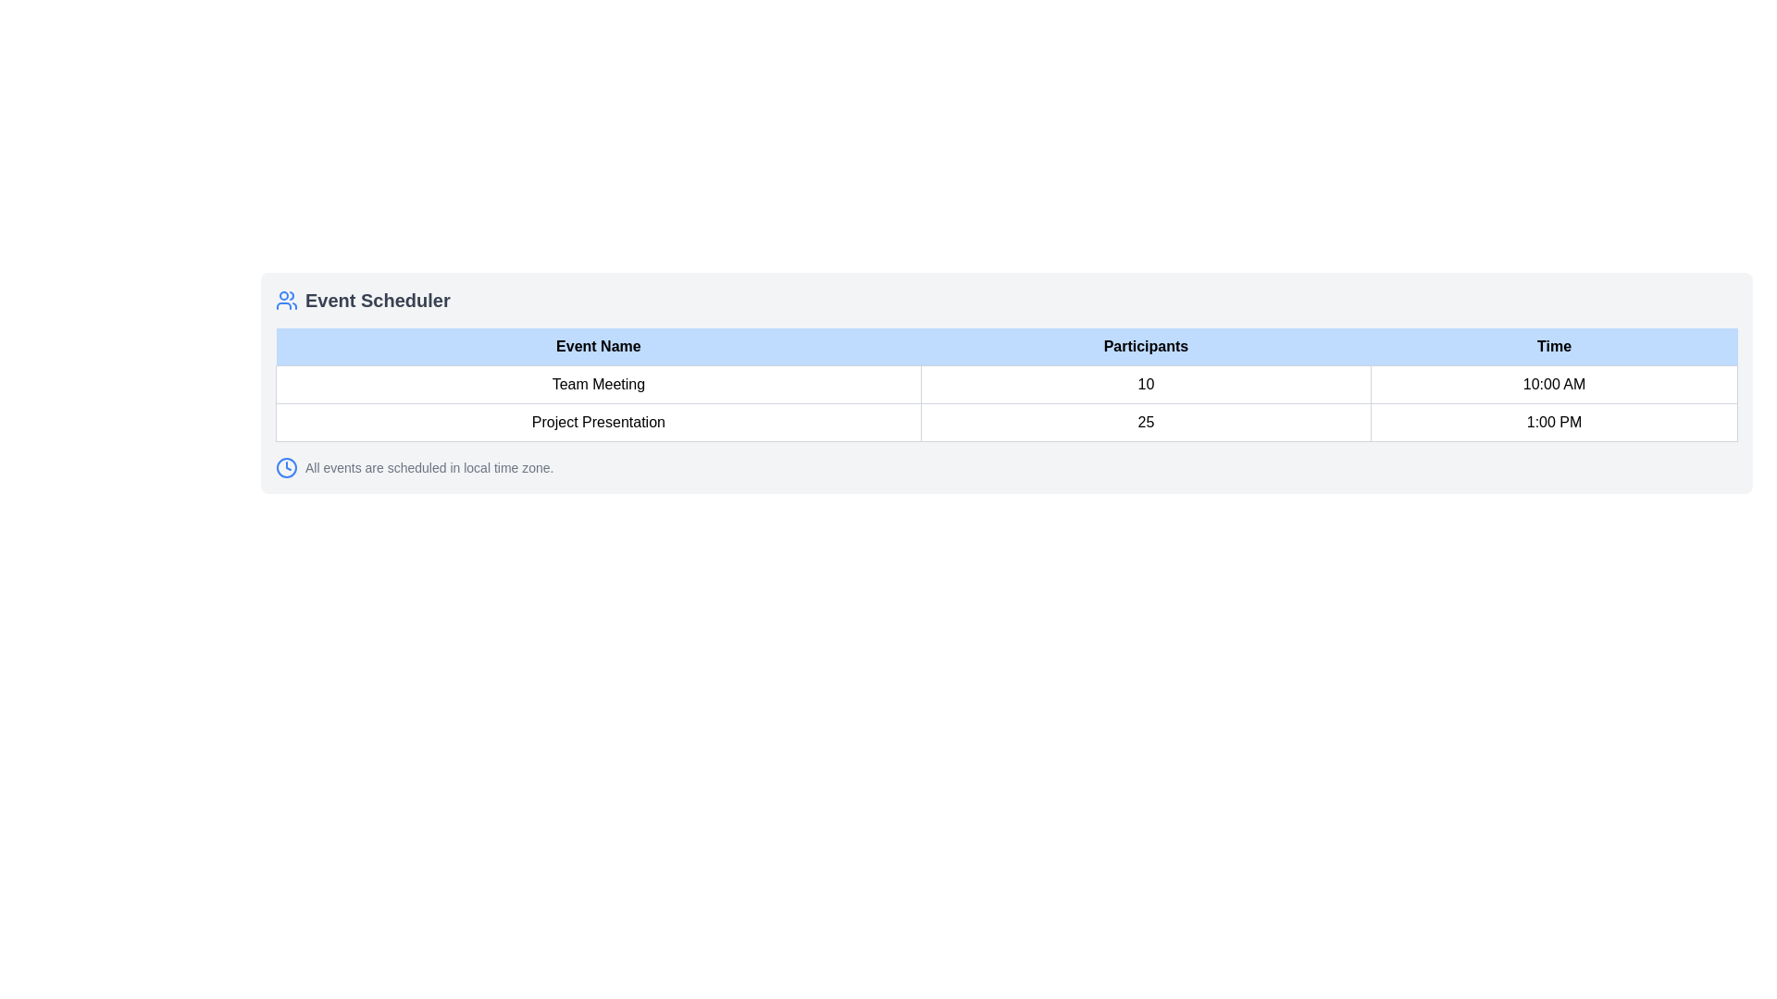  I want to click on the text label displaying the time for the 'Project Presentation' event, located in the third column of the table under the 'Time' header, so click(1554, 422).